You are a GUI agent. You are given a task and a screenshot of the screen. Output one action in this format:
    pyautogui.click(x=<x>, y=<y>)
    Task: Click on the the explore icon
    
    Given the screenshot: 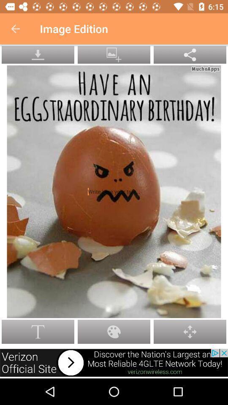 What is the action you would take?
    pyautogui.click(x=190, y=54)
    